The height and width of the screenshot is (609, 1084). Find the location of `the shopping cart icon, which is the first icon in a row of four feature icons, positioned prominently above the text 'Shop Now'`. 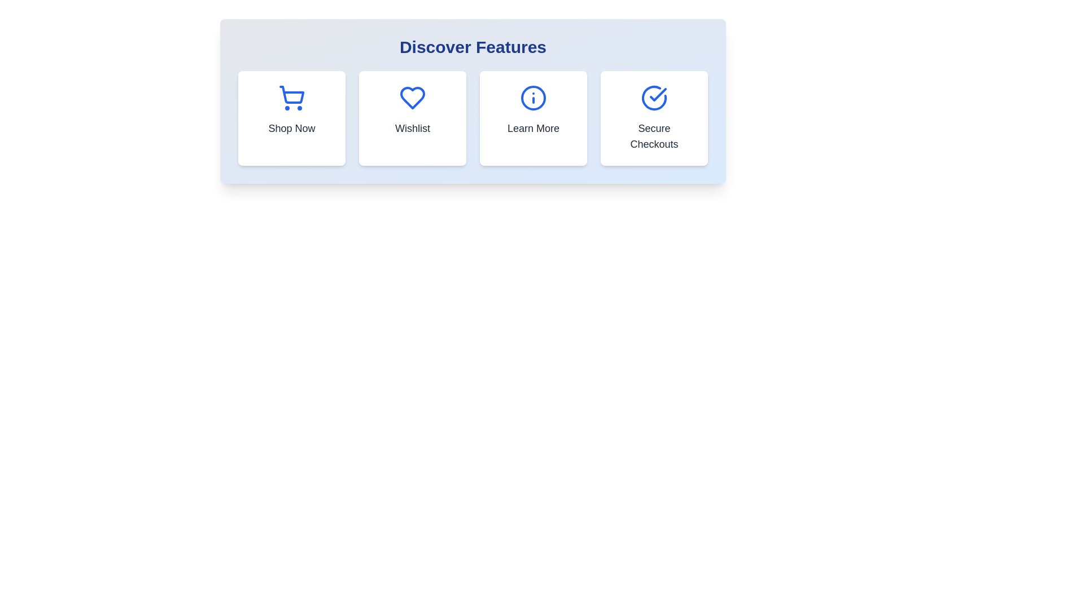

the shopping cart icon, which is the first icon in a row of four feature icons, positioned prominently above the text 'Shop Now' is located at coordinates (292, 94).